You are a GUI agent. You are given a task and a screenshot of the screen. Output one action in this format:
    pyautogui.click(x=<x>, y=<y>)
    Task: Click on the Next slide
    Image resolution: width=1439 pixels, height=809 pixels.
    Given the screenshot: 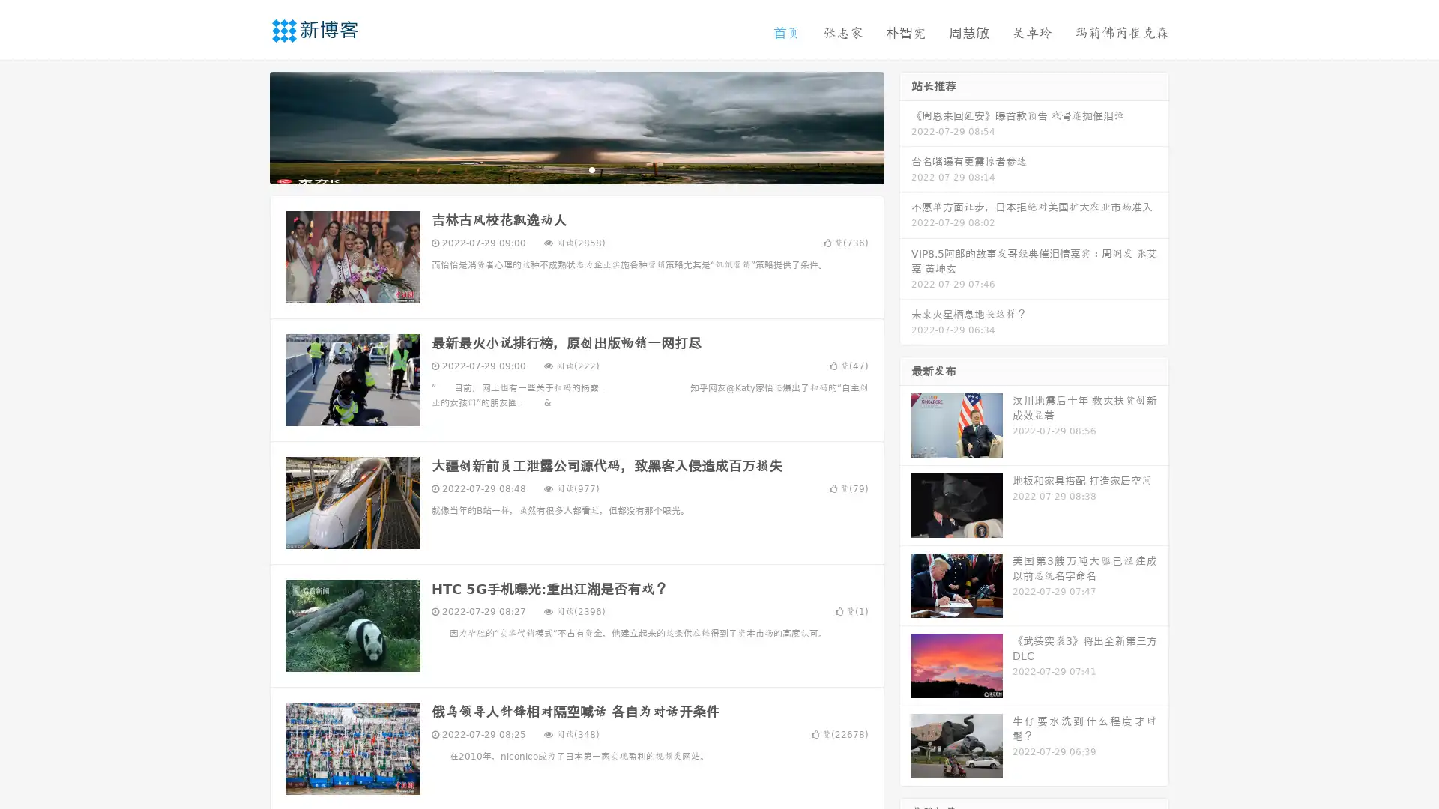 What is the action you would take?
    pyautogui.click(x=905, y=126)
    